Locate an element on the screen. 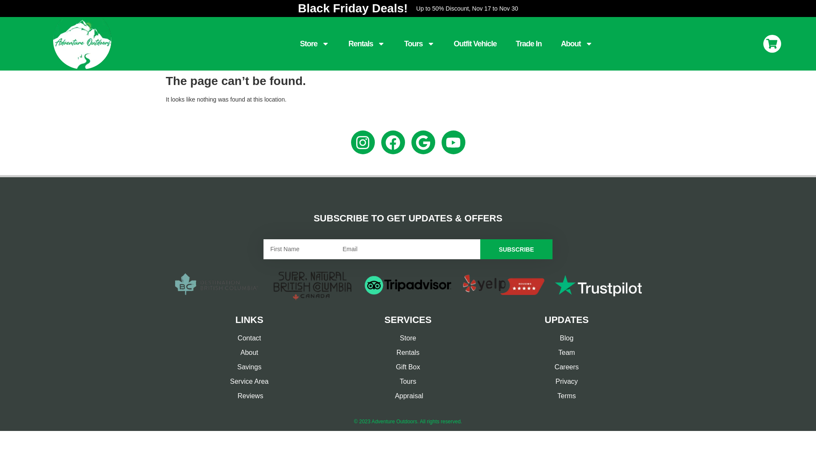 This screenshot has width=816, height=459. 'Rentals' is located at coordinates (367, 44).